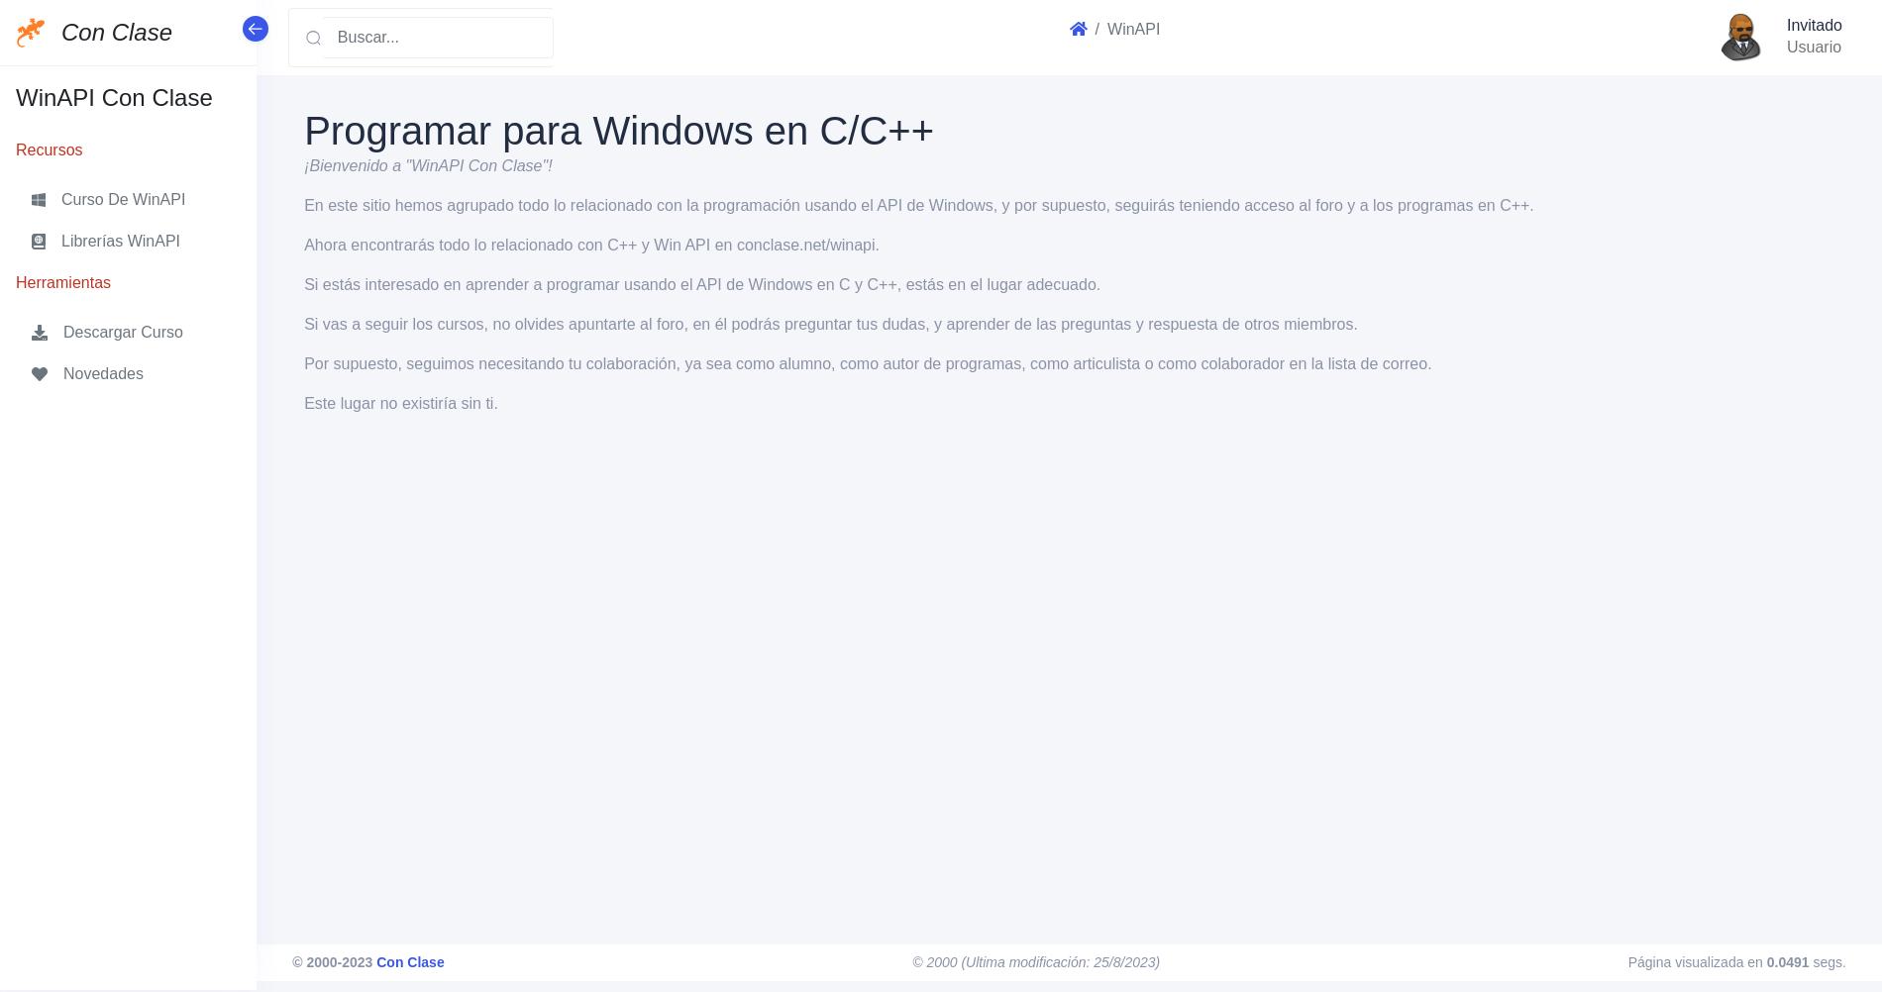 Image resolution: width=1882 pixels, height=992 pixels. What do you see at coordinates (829, 323) in the screenshot?
I see `'Si vas a seguir los cursos, no olvides apuntarte al foro, en él
	podrás preguntar tus dudas, y aprender de las preguntas y respuesta de otros
  miembros.'` at bounding box center [829, 323].